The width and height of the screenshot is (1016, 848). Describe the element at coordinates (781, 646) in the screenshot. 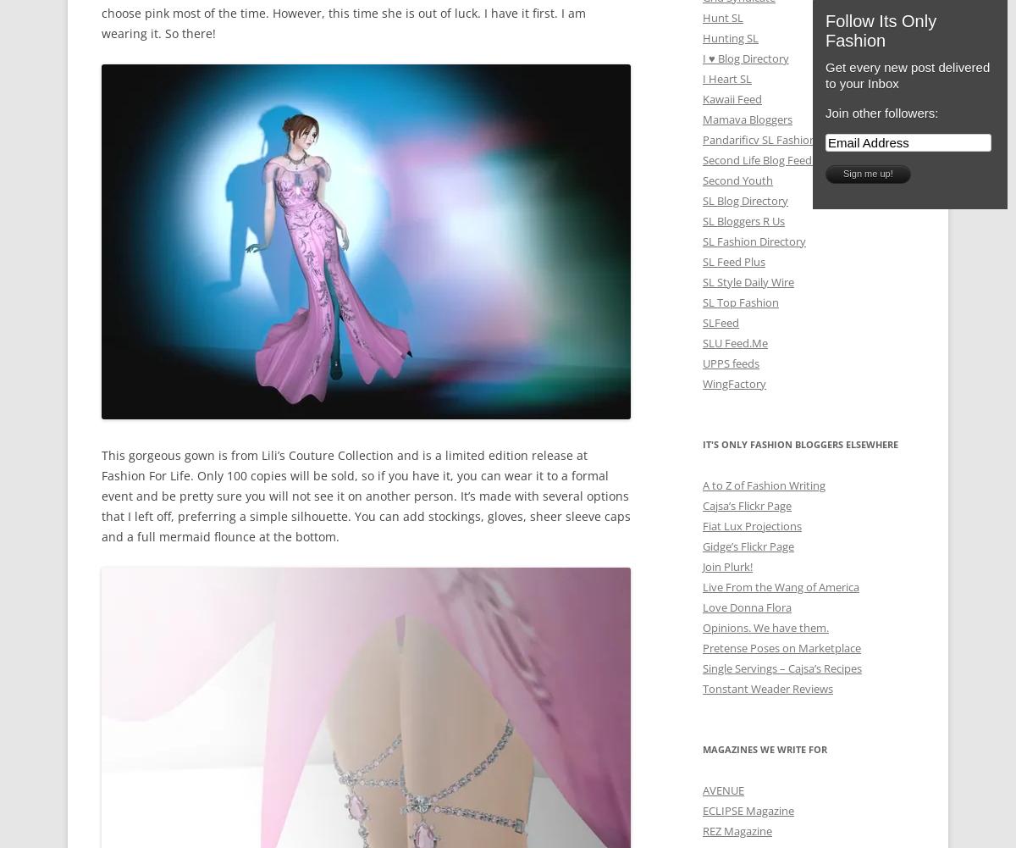

I see `'Pretense Poses on Marketplace'` at that location.